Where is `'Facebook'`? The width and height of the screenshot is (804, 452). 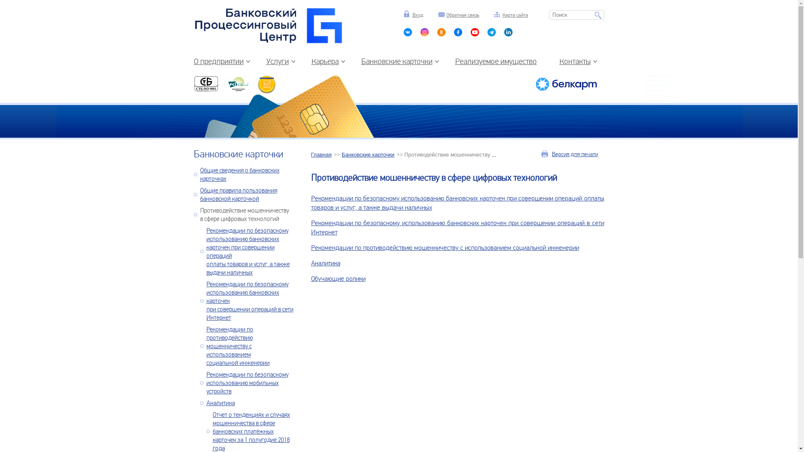
'Facebook' is located at coordinates (458, 33).